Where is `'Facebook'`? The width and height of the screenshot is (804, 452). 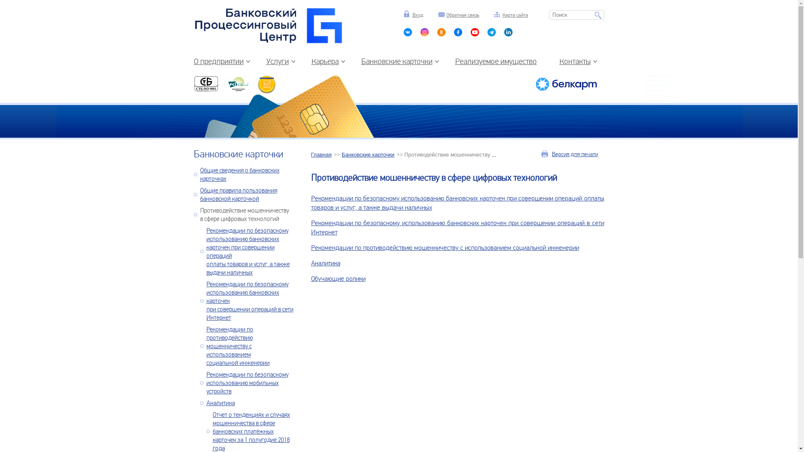
'Facebook' is located at coordinates (458, 33).